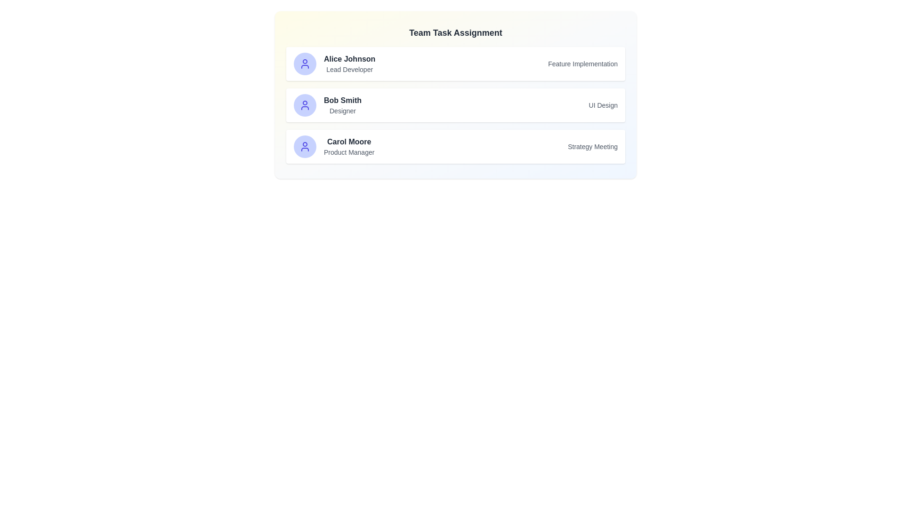 The height and width of the screenshot is (508, 904). I want to click on the text label representing the job title of the individual, positioned below 'Alice Johnson' in the card layout of the first list item, so click(349, 69).